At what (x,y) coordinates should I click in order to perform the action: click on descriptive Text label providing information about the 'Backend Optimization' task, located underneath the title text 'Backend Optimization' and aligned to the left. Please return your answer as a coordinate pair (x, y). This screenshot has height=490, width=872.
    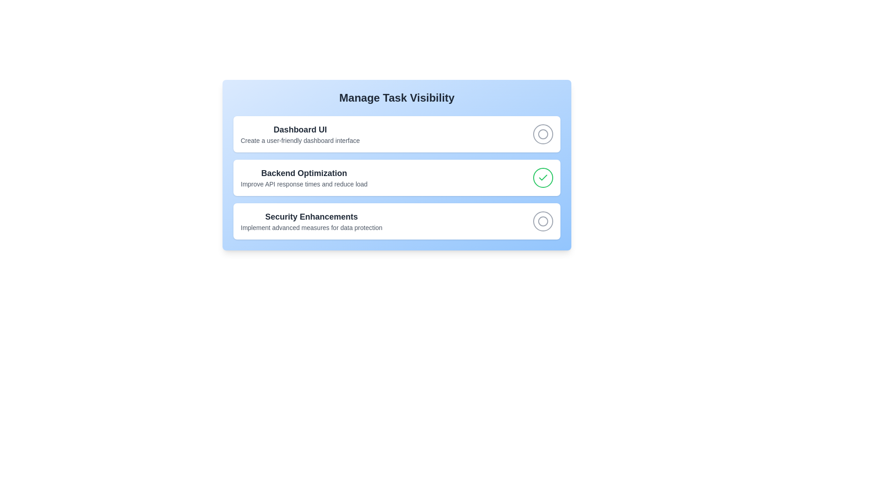
    Looking at the image, I should click on (304, 184).